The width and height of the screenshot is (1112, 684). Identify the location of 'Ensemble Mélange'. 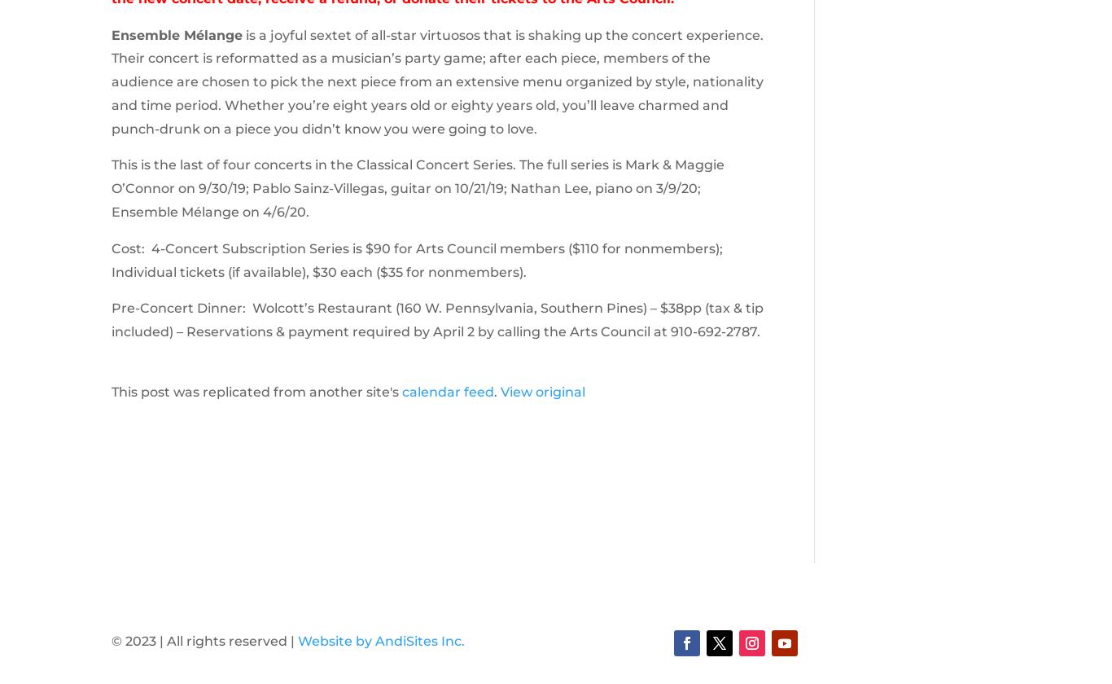
(175, 34).